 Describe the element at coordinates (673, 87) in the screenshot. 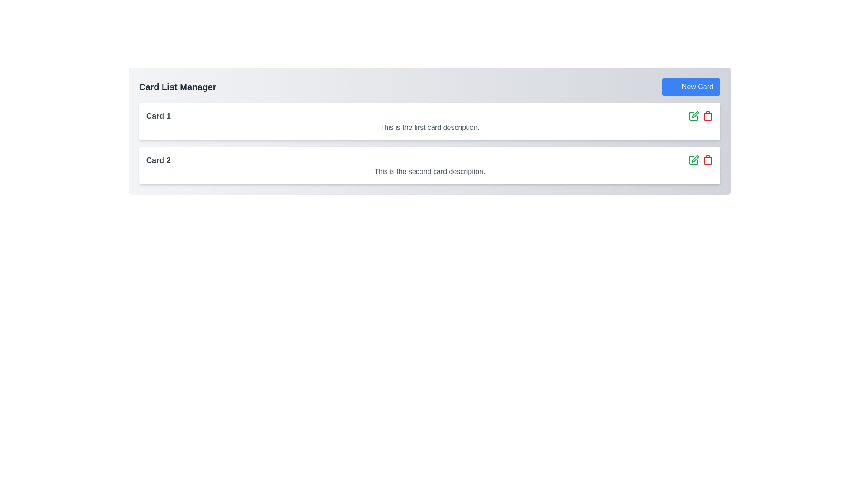

I see `the plus sign icon located within the blue 'New Card' button in the upper-right corner of the card list interface to invoke the button action` at that location.